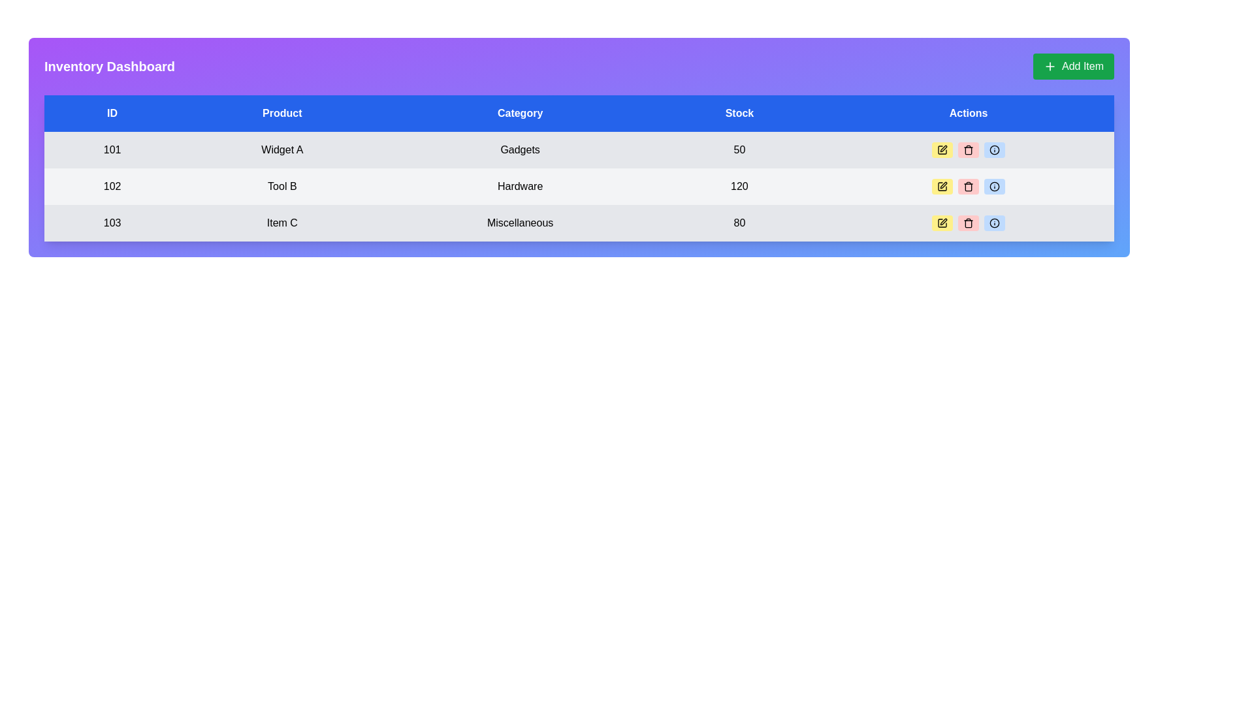 This screenshot has width=1254, height=705. I want to click on the circular icon button with a blue background, which is the fourth button in the 'Actions' column of the last row of the table, so click(993, 223).